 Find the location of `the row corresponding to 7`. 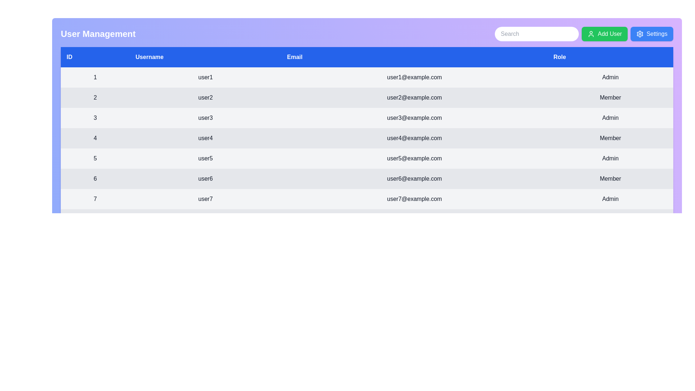

the row corresponding to 7 is located at coordinates (367, 199).